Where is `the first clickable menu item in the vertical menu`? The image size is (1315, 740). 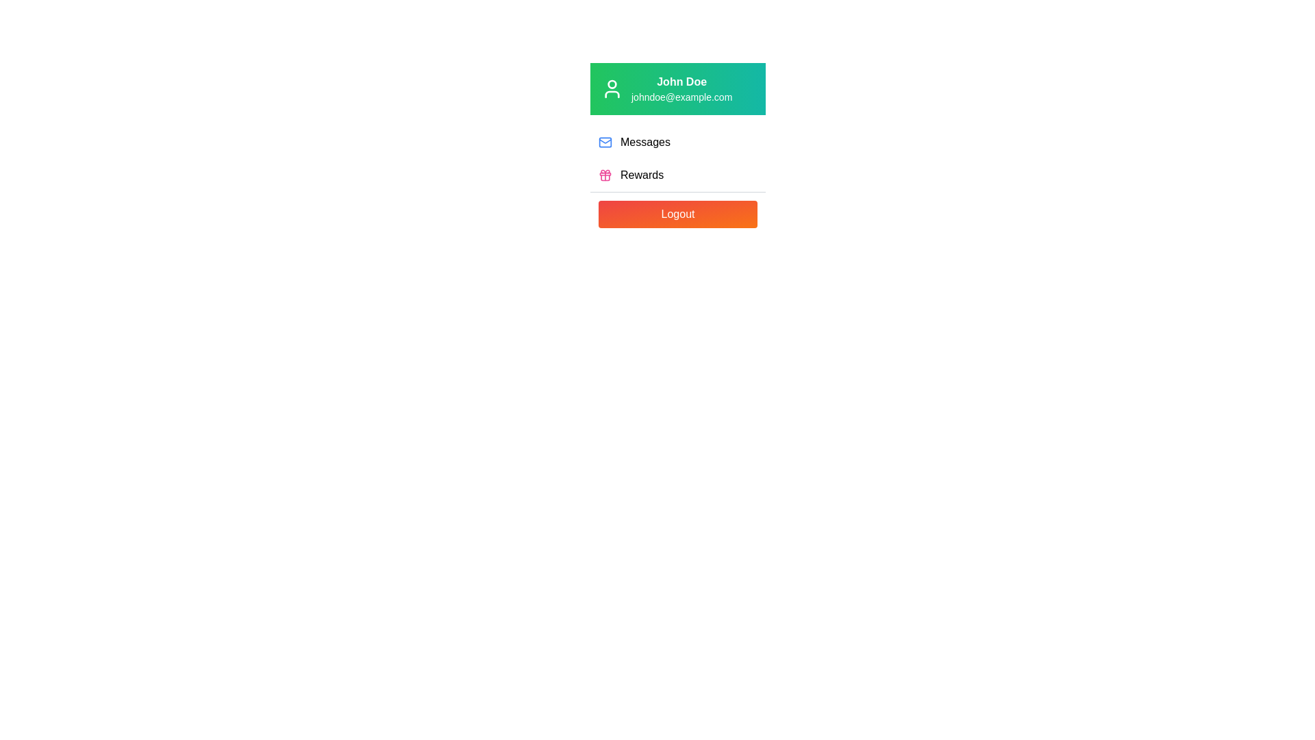
the first clickable menu item in the vertical menu is located at coordinates (677, 143).